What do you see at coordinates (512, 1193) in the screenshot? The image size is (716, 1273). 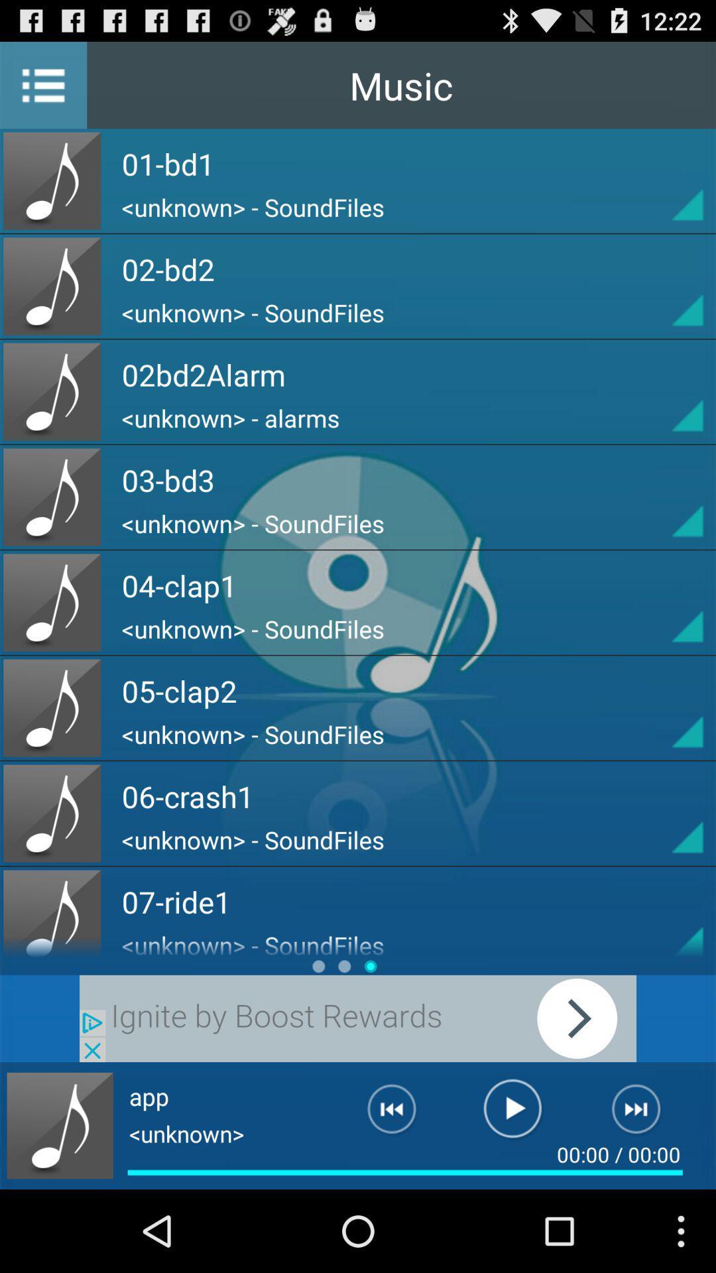 I see `the play icon` at bounding box center [512, 1193].